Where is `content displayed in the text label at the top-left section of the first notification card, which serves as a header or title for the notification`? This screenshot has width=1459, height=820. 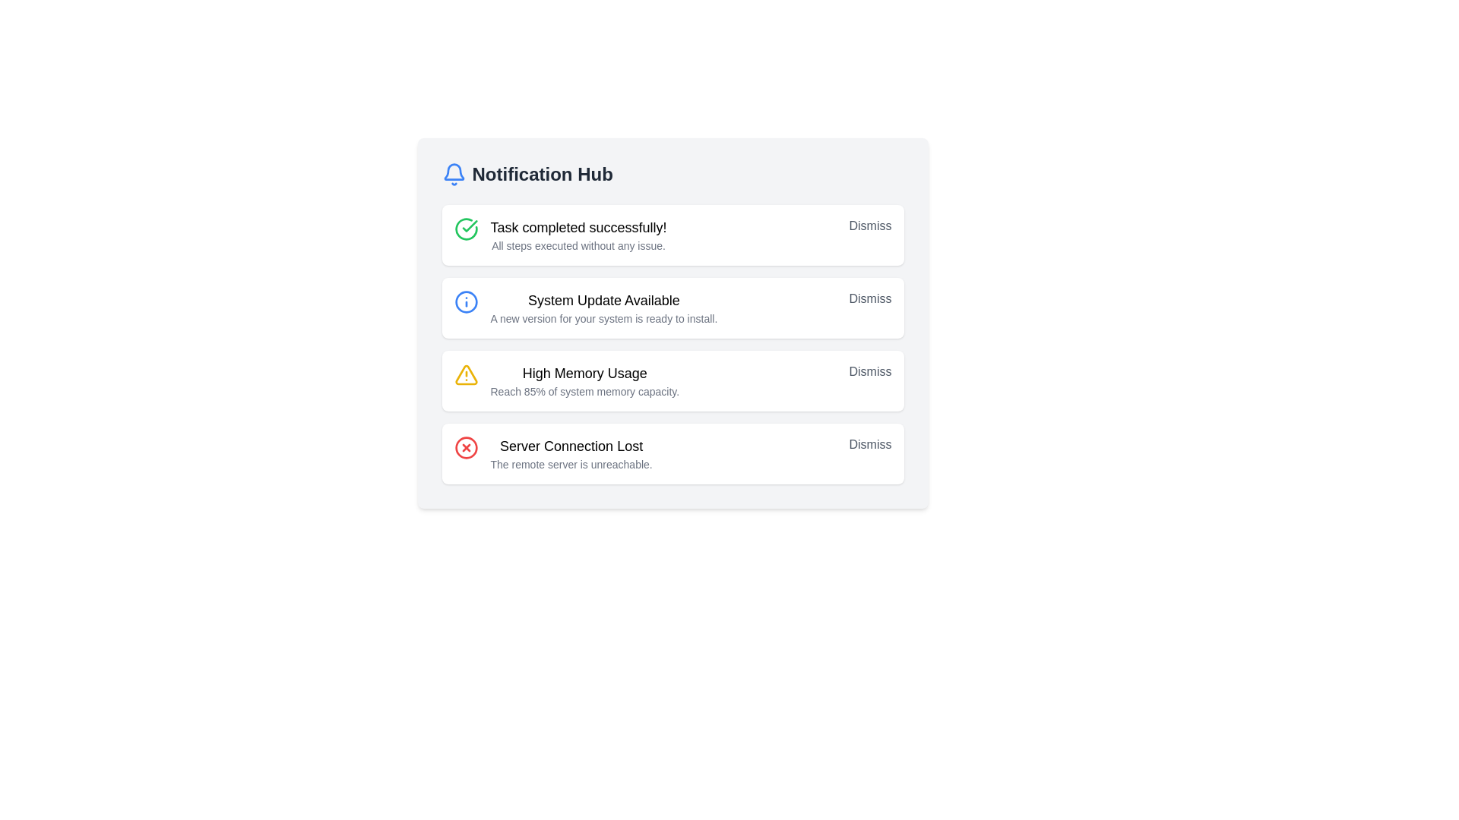
content displayed in the text label at the top-left section of the first notification card, which serves as a header or title for the notification is located at coordinates (578, 228).